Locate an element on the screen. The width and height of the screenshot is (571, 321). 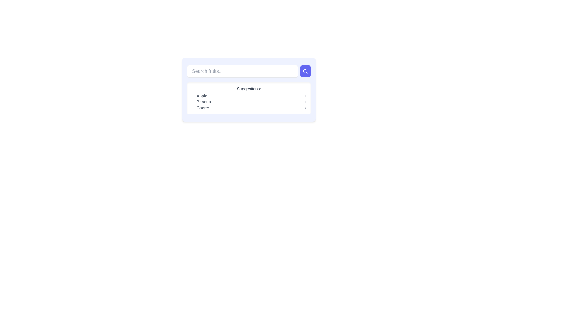
the text label for the suggestions section, which is a rectangular box with a light indigo background containing the heading 'Suggestions:' and a list of suggestions is located at coordinates (249, 89).